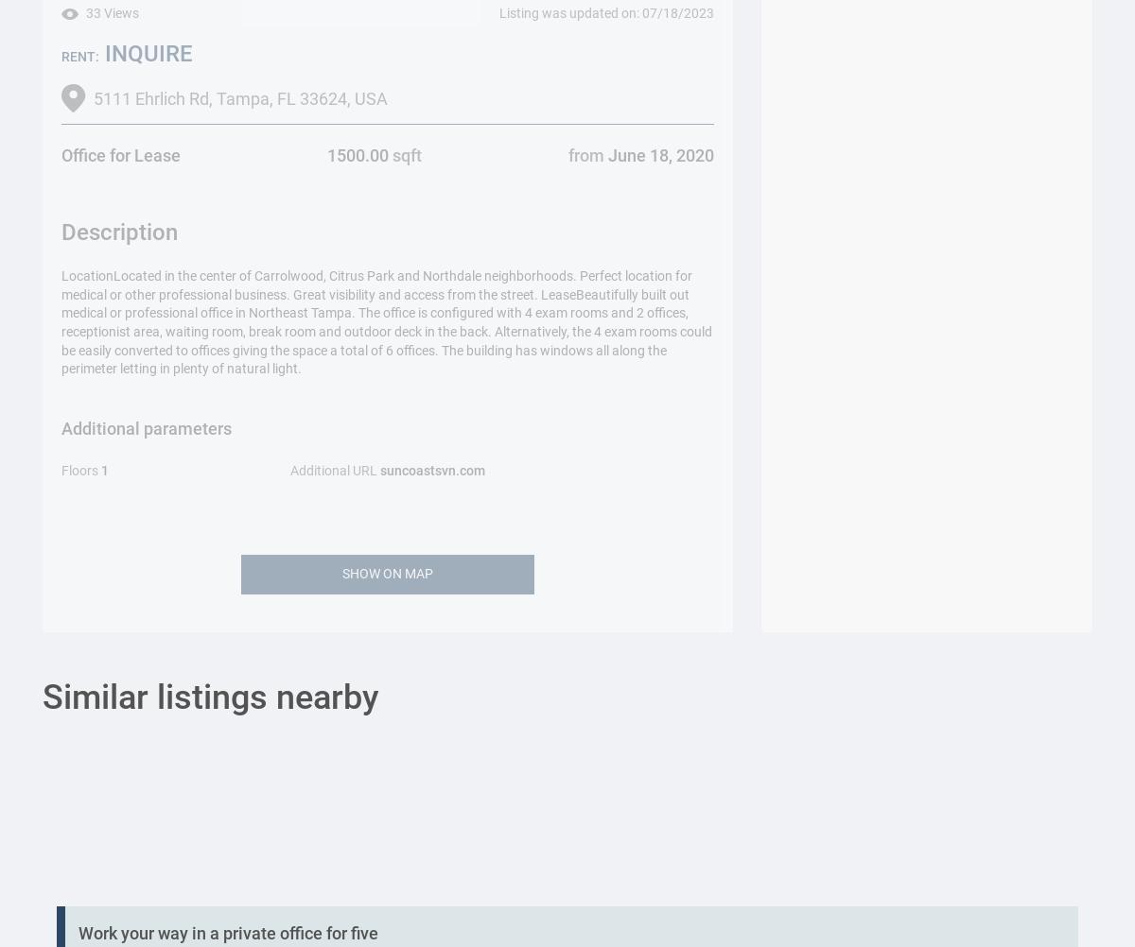 The width and height of the screenshot is (1135, 947). I want to click on 'INQUIRE', so click(148, 53).